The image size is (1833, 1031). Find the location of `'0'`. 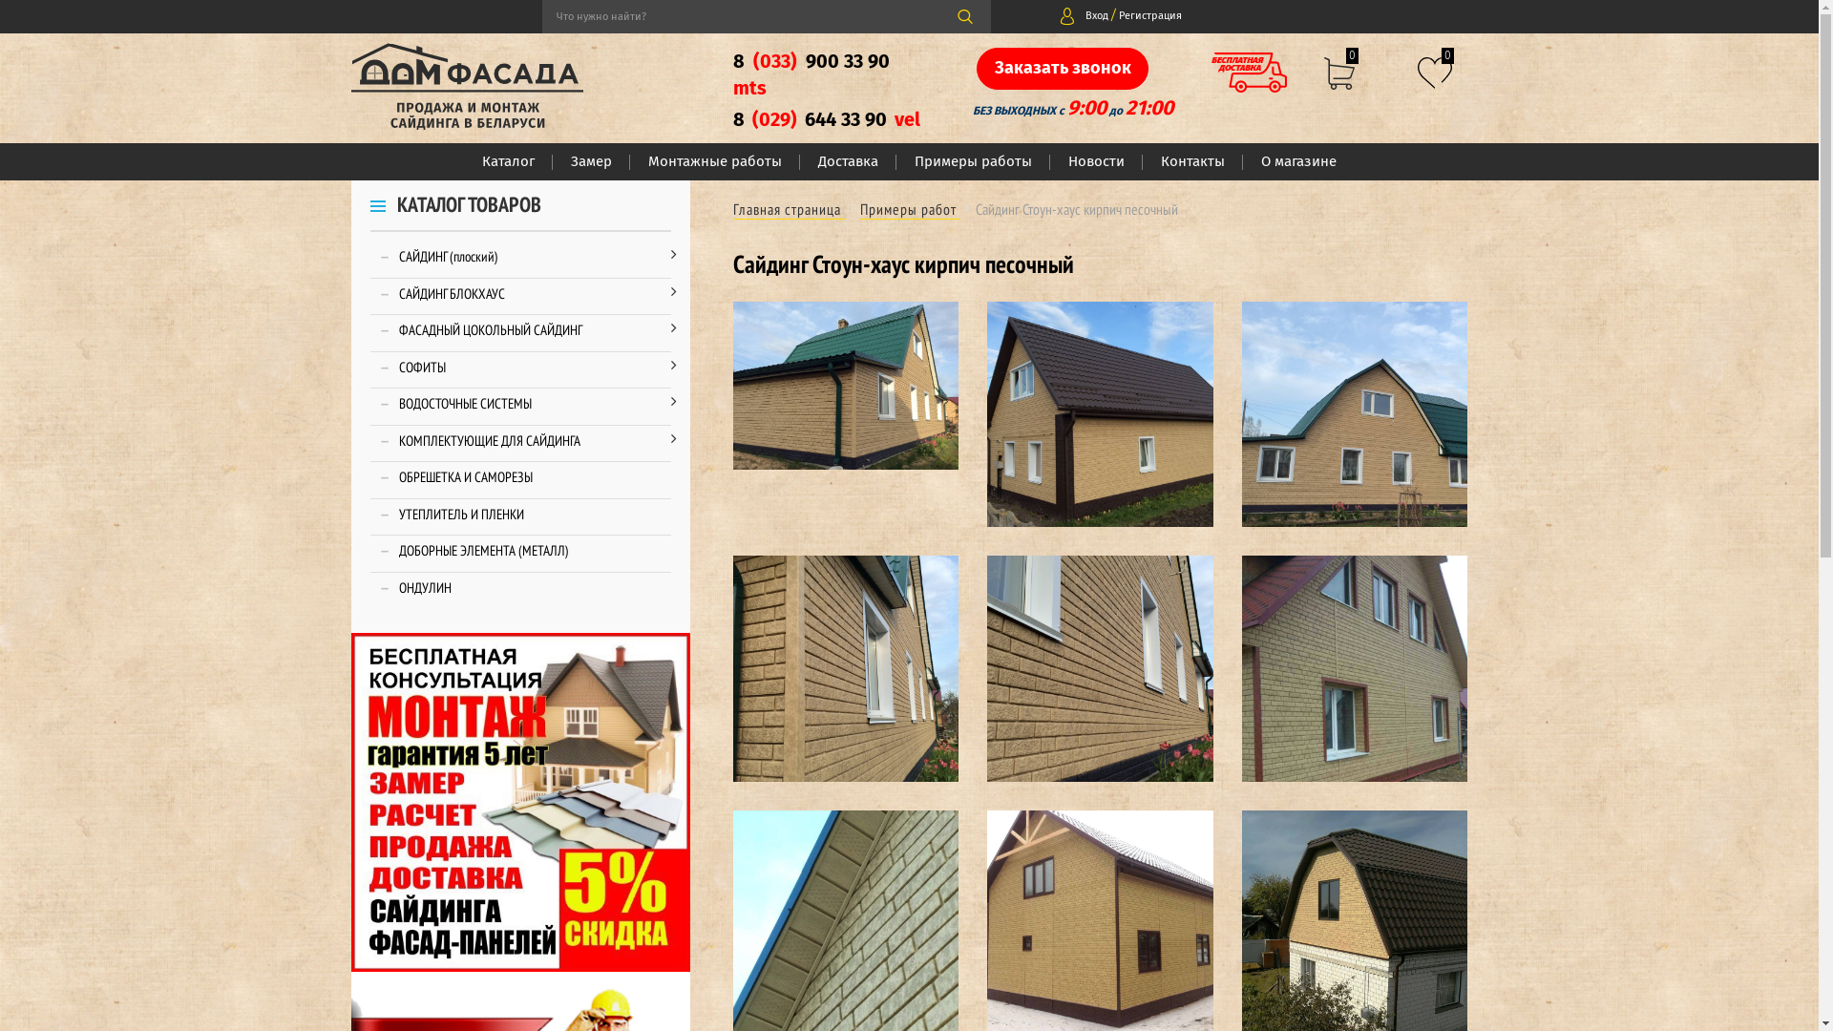

'0' is located at coordinates (1434, 65).